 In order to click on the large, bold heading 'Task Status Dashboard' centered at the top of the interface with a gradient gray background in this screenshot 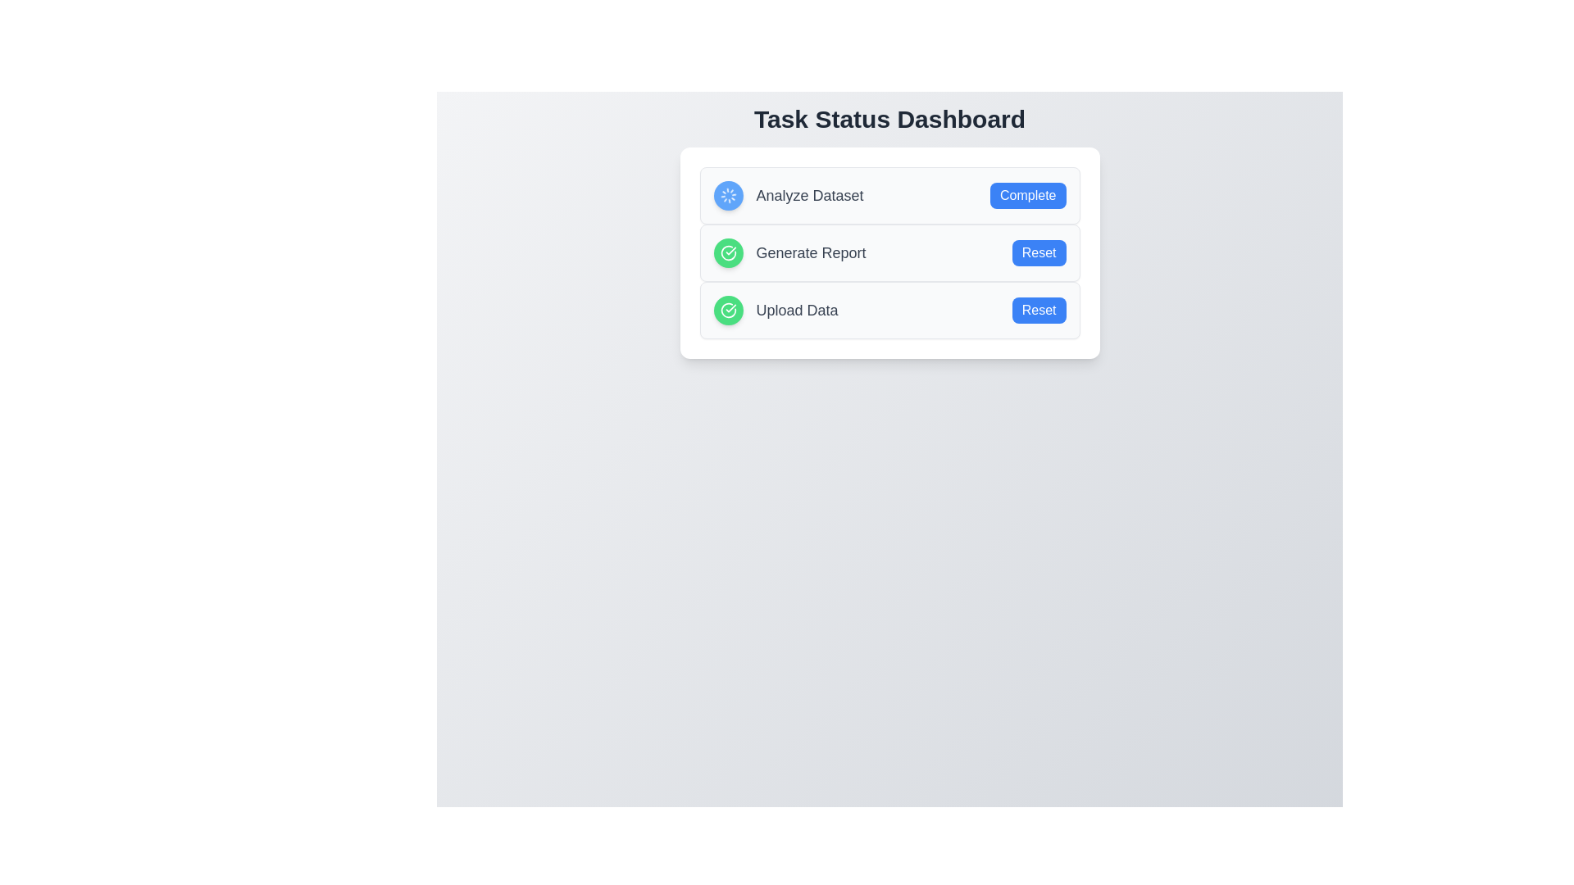, I will do `click(889, 119)`.